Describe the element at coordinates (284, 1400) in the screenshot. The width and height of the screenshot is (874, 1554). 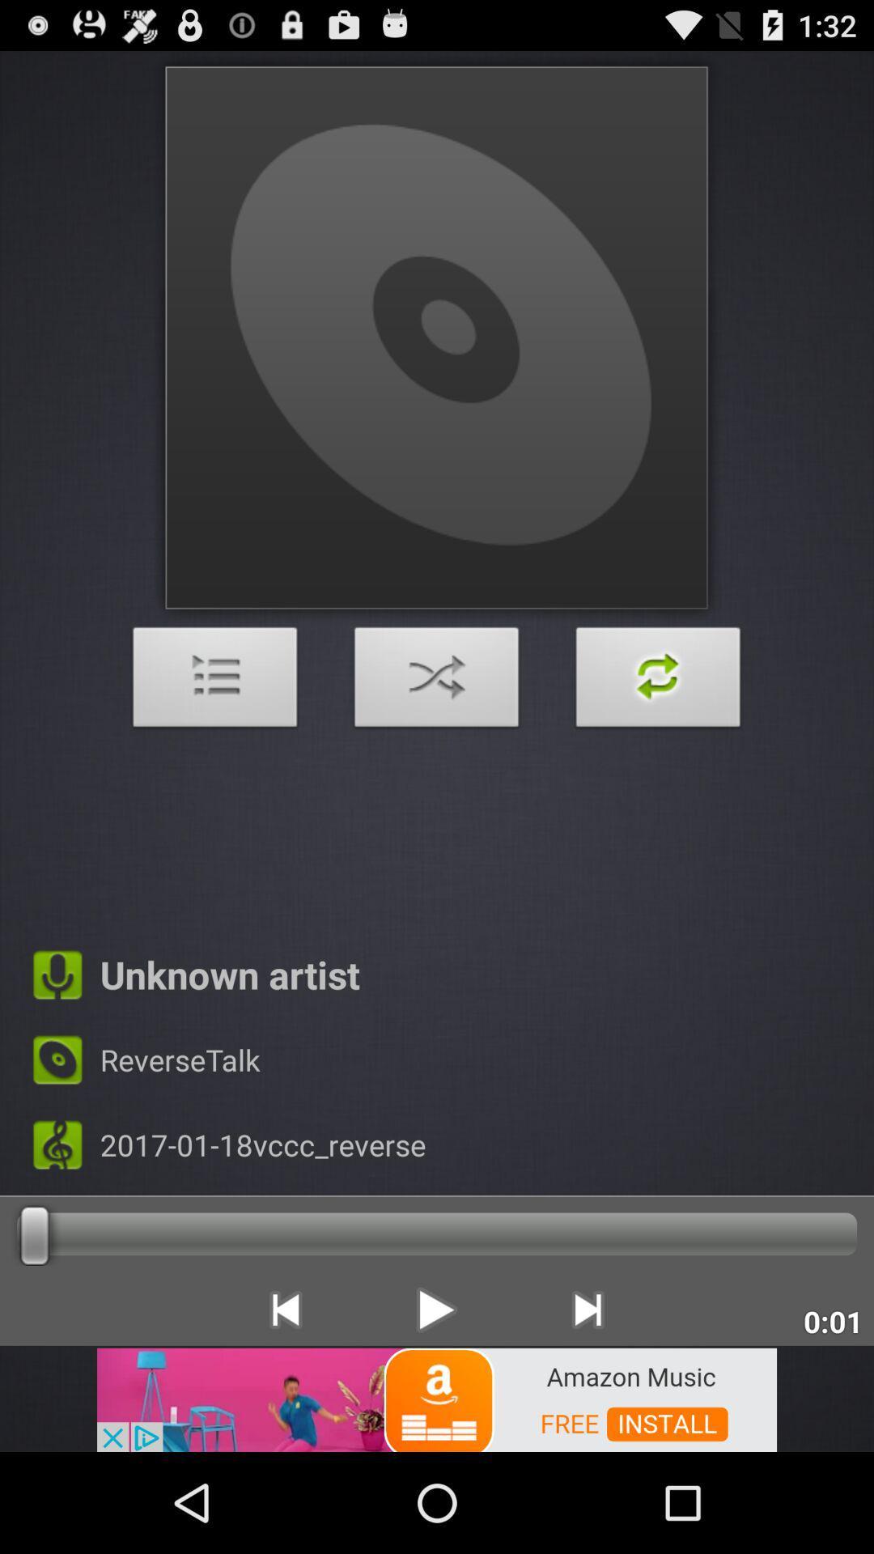
I see `the skip_previous icon` at that location.